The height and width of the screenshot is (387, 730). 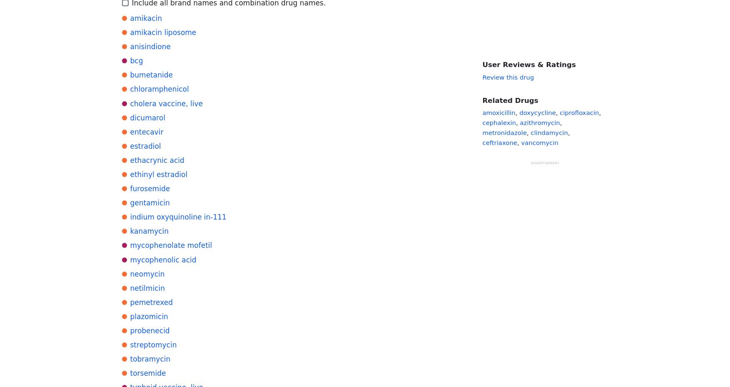 I want to click on 'bumetanide', so click(x=130, y=75).